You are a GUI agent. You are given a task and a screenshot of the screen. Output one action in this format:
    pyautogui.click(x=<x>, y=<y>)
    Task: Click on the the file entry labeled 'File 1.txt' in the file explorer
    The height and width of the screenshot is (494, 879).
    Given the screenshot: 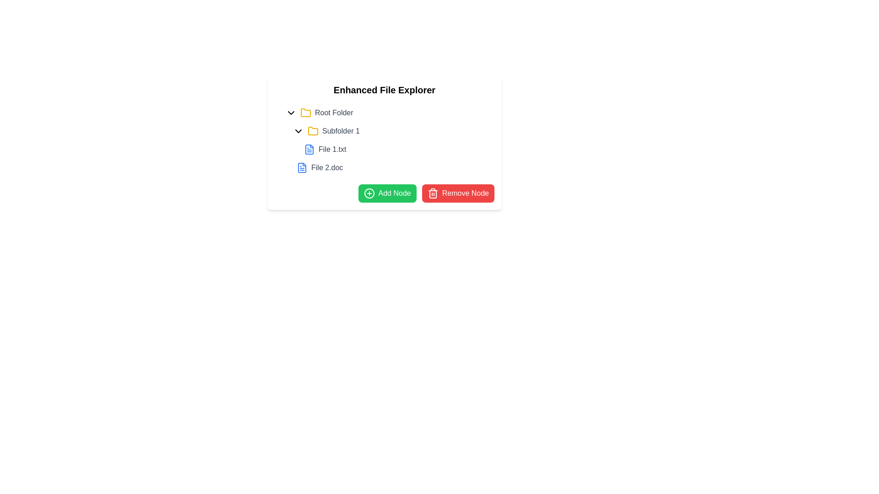 What is the action you would take?
    pyautogui.click(x=325, y=149)
    